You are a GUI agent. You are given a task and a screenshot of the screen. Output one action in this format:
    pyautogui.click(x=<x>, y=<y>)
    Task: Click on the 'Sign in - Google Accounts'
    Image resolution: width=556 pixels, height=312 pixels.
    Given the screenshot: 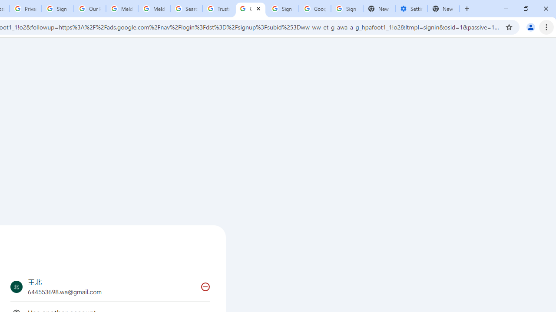 What is the action you would take?
    pyautogui.click(x=346, y=9)
    